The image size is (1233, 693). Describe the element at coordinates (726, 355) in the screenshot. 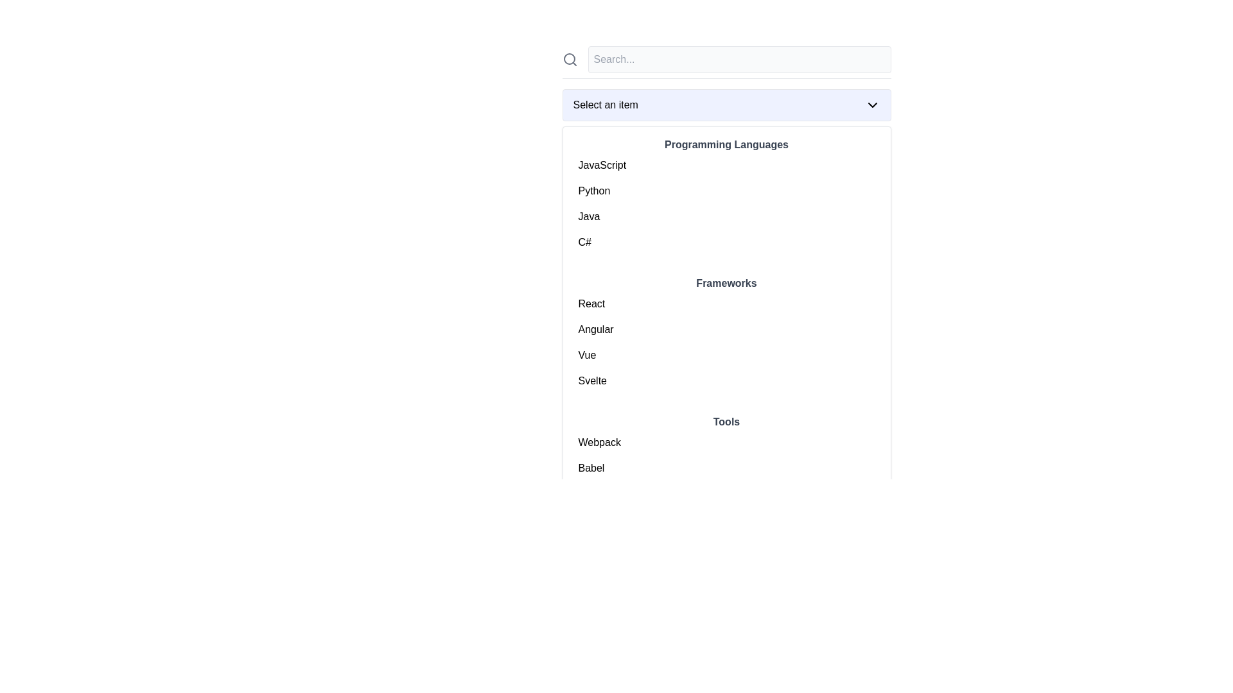

I see `on the third item in the list of framework options labeled 'Vue'` at that location.